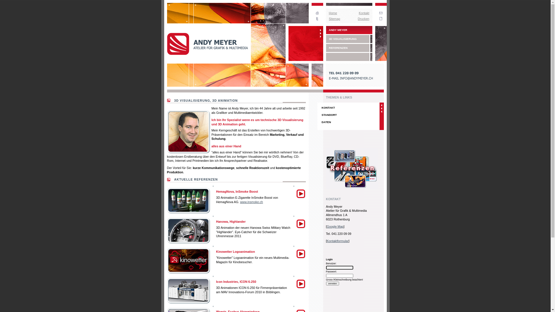 The image size is (555, 312). What do you see at coordinates (363, 13) in the screenshot?
I see `'Kontakt'` at bounding box center [363, 13].